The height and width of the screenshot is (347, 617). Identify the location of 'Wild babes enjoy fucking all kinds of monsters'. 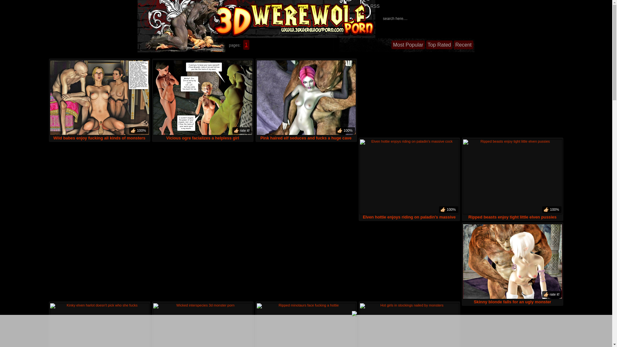
(99, 101).